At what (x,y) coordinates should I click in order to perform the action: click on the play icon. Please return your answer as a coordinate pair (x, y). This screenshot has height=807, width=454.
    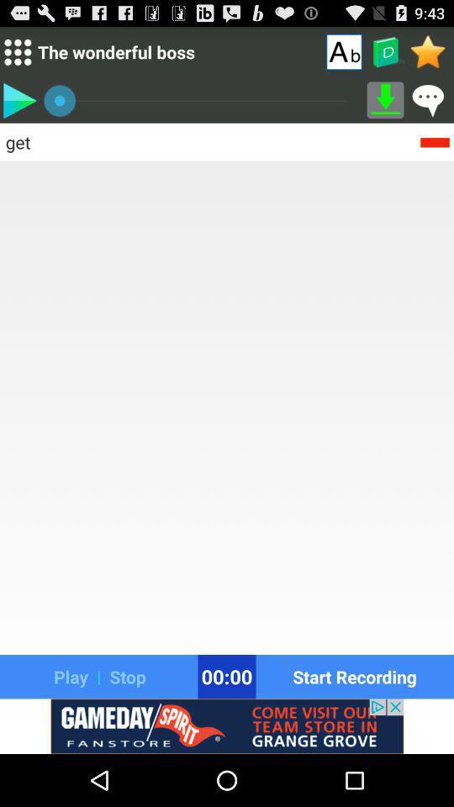
    Looking at the image, I should click on (18, 106).